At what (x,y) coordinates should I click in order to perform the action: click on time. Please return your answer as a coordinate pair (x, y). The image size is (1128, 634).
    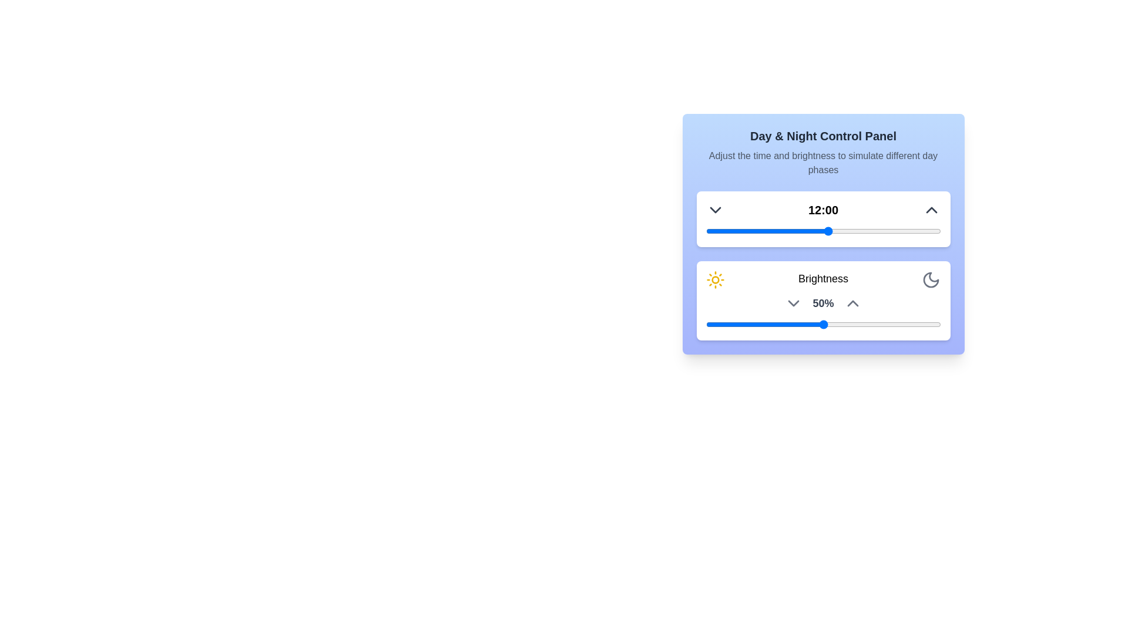
    Looking at the image, I should click on (787, 231).